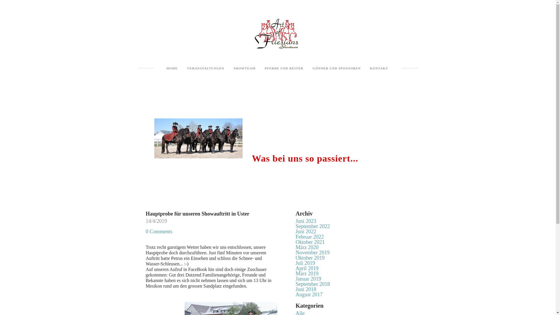  What do you see at coordinates (295, 252) in the screenshot?
I see `'November 2019'` at bounding box center [295, 252].